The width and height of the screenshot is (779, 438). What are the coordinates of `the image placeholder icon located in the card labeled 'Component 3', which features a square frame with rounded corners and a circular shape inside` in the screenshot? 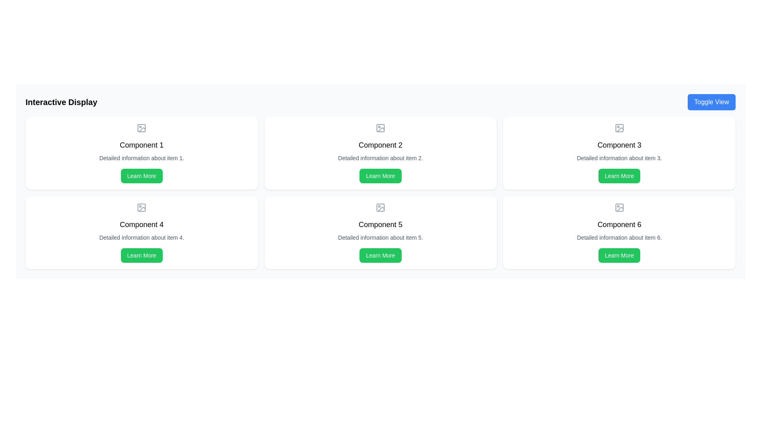 It's located at (619, 128).